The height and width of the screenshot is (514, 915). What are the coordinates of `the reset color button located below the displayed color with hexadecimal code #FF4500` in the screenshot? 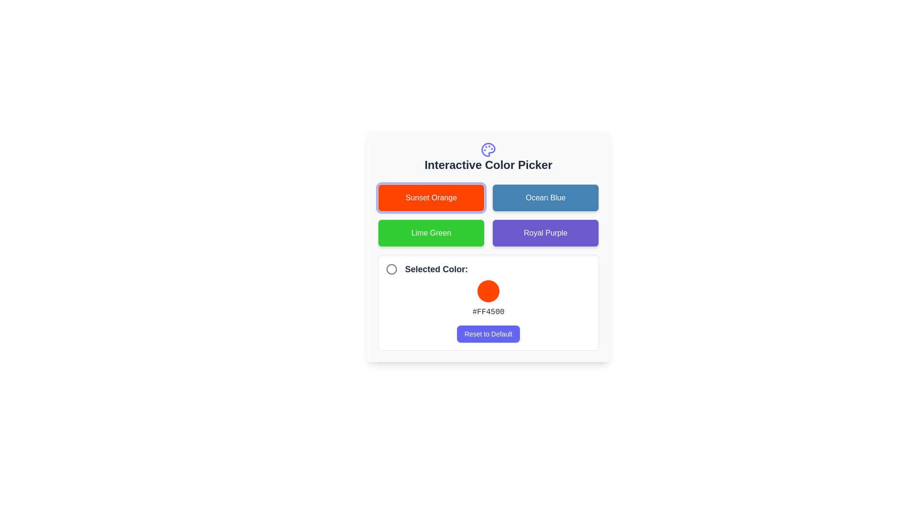 It's located at (488, 334).